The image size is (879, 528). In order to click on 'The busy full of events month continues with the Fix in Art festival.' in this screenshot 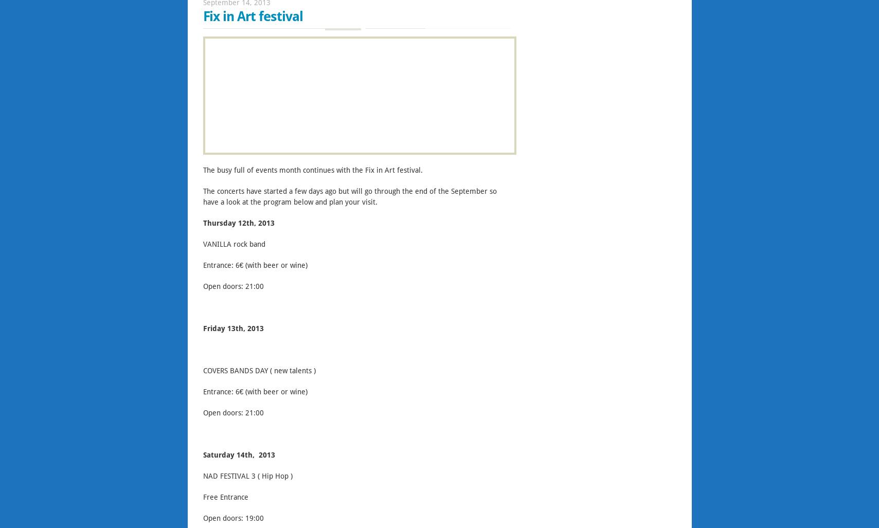, I will do `click(312, 170)`.